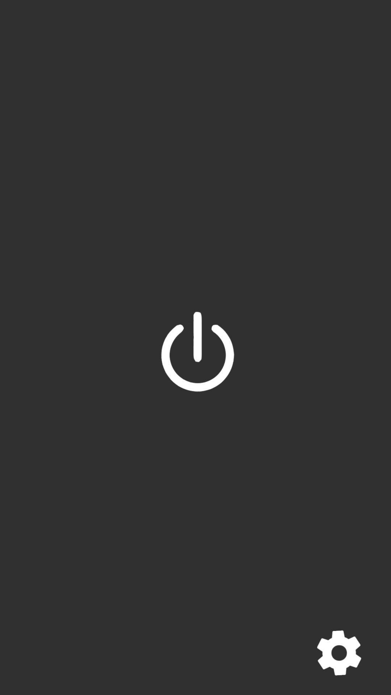 This screenshot has height=695, width=391. Describe the element at coordinates (339, 653) in the screenshot. I see `the settings icon` at that location.